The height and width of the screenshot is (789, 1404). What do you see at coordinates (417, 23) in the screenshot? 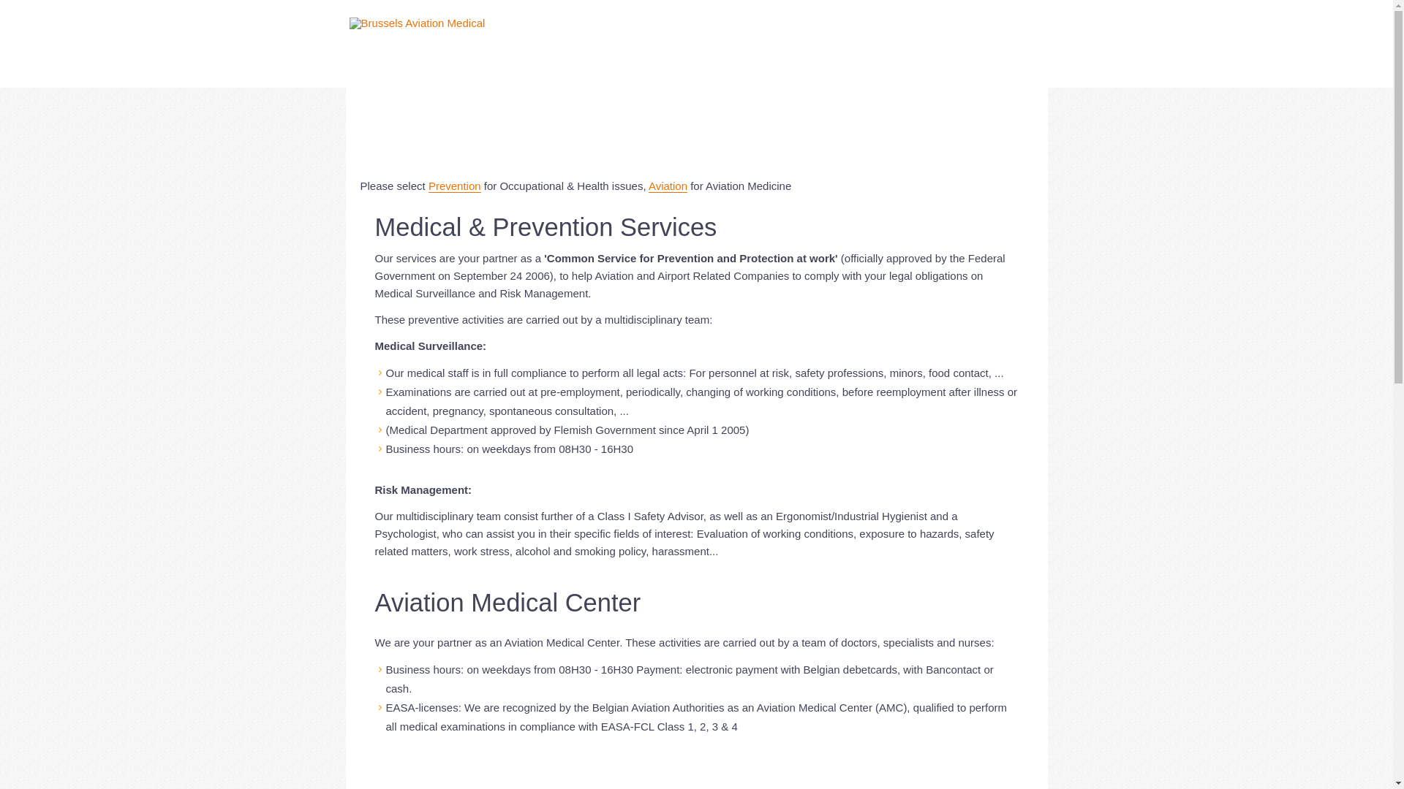
I see `'Brussels Aviation Medical'` at bounding box center [417, 23].